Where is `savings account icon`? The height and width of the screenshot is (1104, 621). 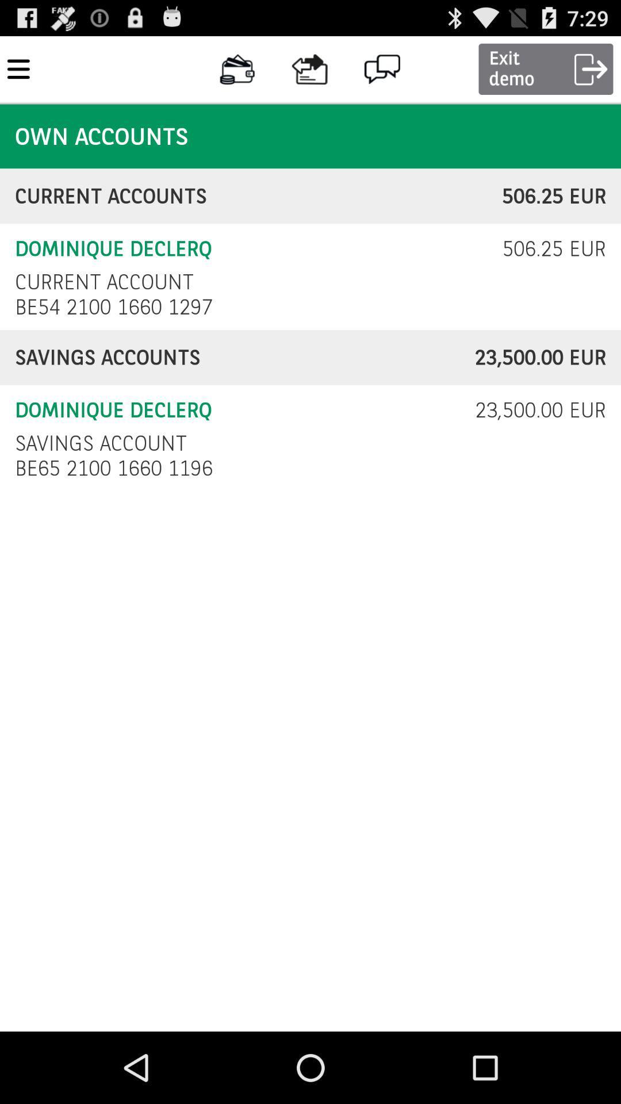
savings account icon is located at coordinates (100, 443).